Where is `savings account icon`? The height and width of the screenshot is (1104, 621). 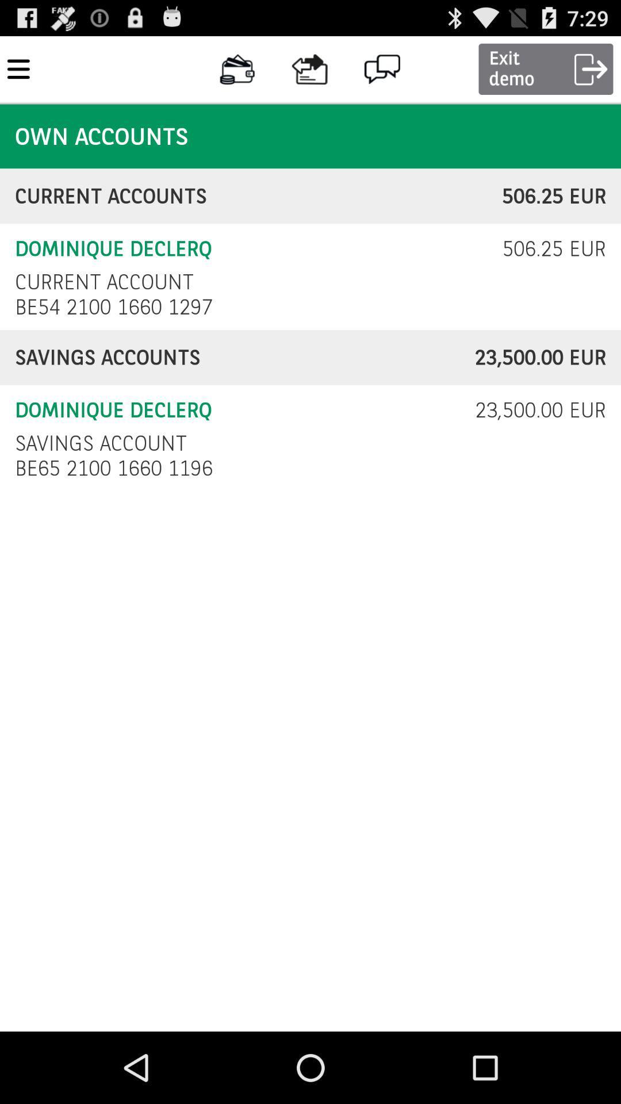
savings account icon is located at coordinates (100, 443).